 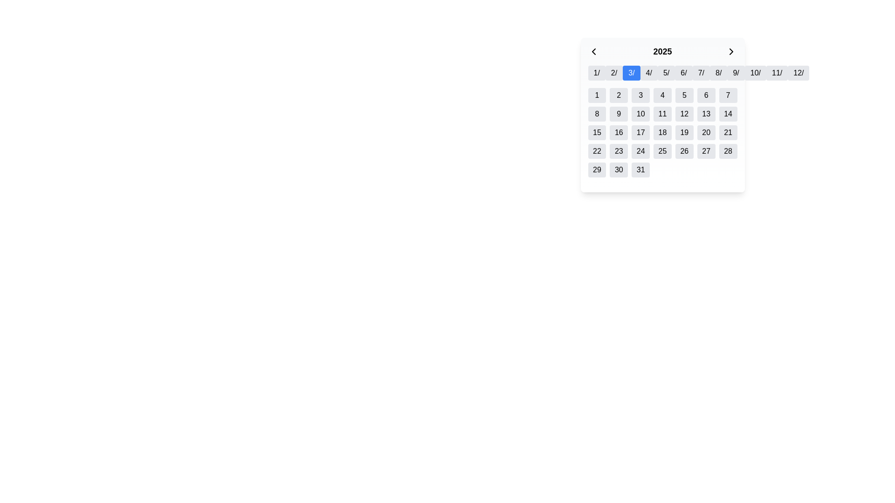 I want to click on the Interactive calendar date unit displaying the numeral '29', so click(x=597, y=170).